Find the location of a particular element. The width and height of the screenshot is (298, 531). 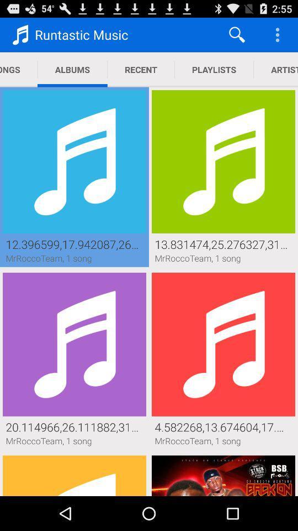

the playlists item is located at coordinates (214, 69).